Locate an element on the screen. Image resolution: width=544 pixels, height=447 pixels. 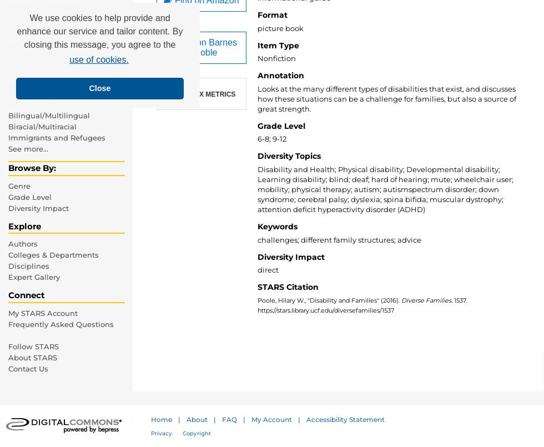
'Health & Disability' is located at coordinates (44, 6).